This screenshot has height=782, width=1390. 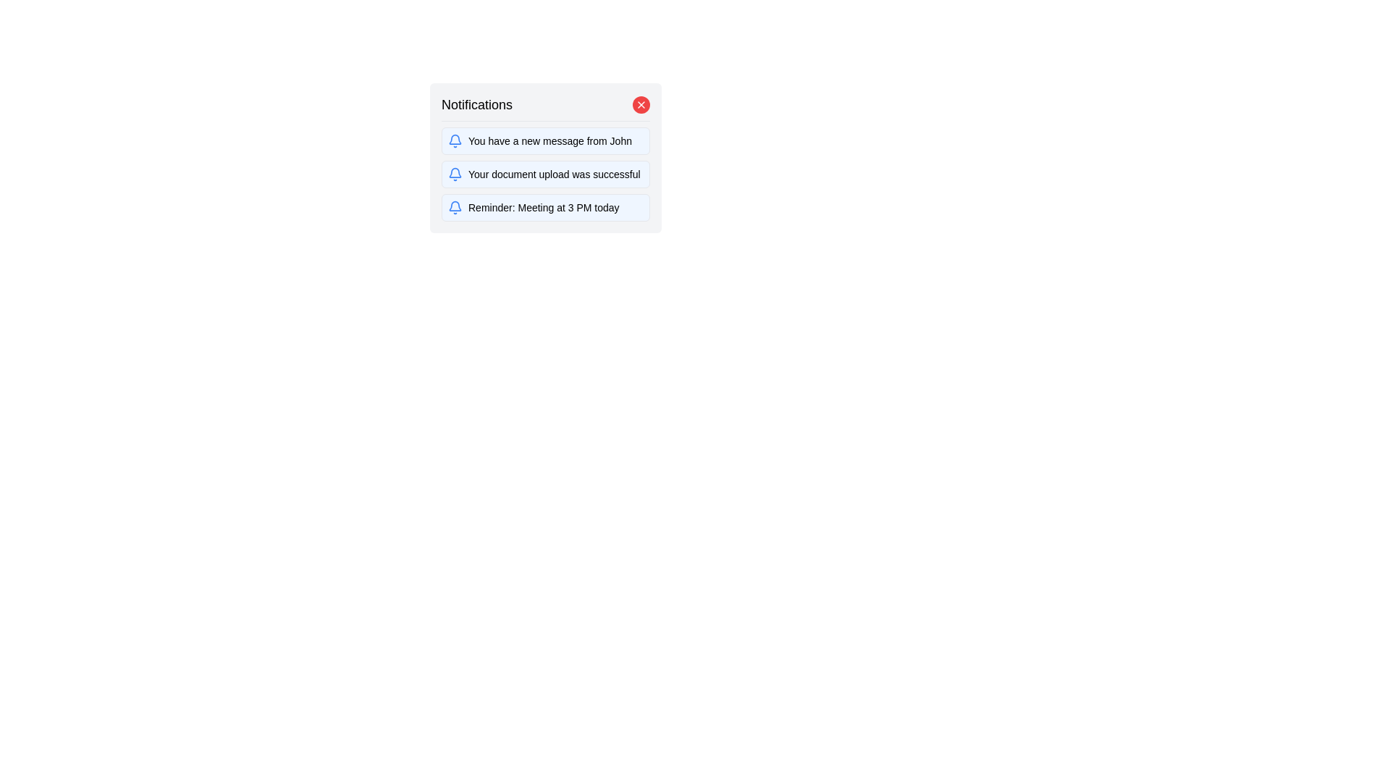 What do you see at coordinates (454, 173) in the screenshot?
I see `the blue notification bell icon, which is the leftmost element in the second notification item of the notification panel, indicating notification messages` at bounding box center [454, 173].